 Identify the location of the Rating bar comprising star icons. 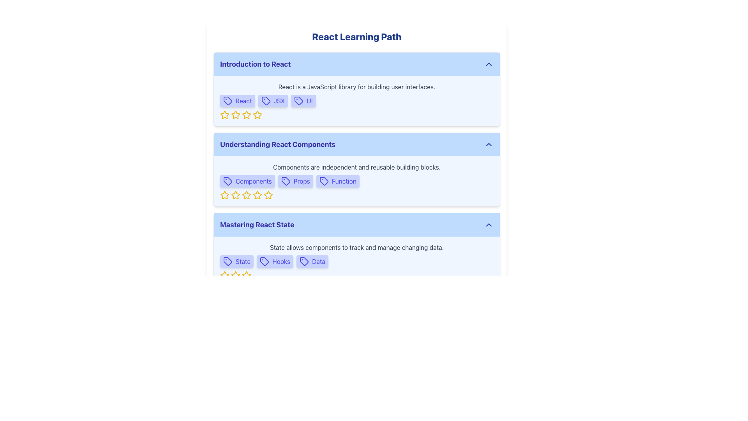
(356, 115).